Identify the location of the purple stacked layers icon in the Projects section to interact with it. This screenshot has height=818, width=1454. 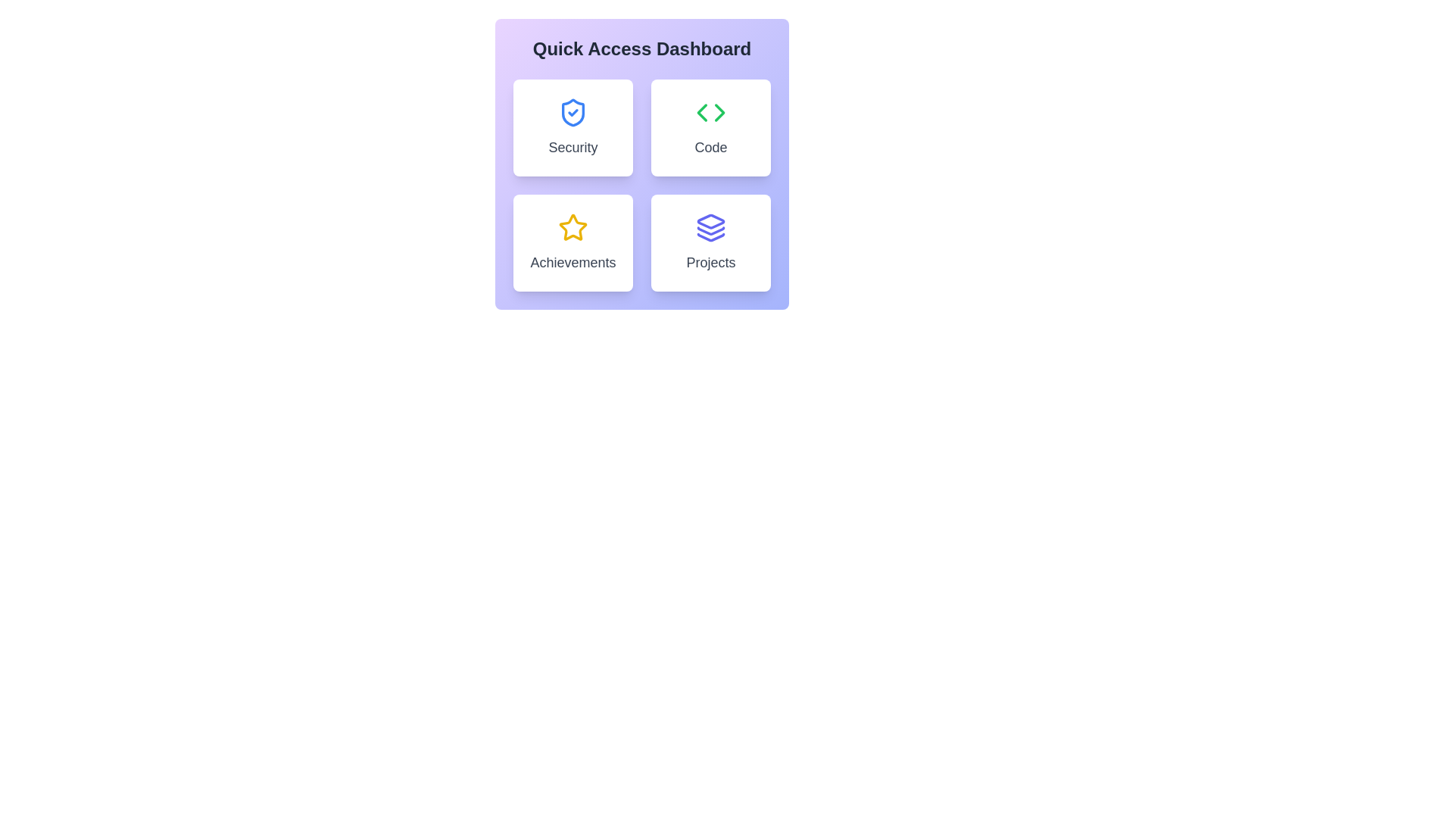
(710, 227).